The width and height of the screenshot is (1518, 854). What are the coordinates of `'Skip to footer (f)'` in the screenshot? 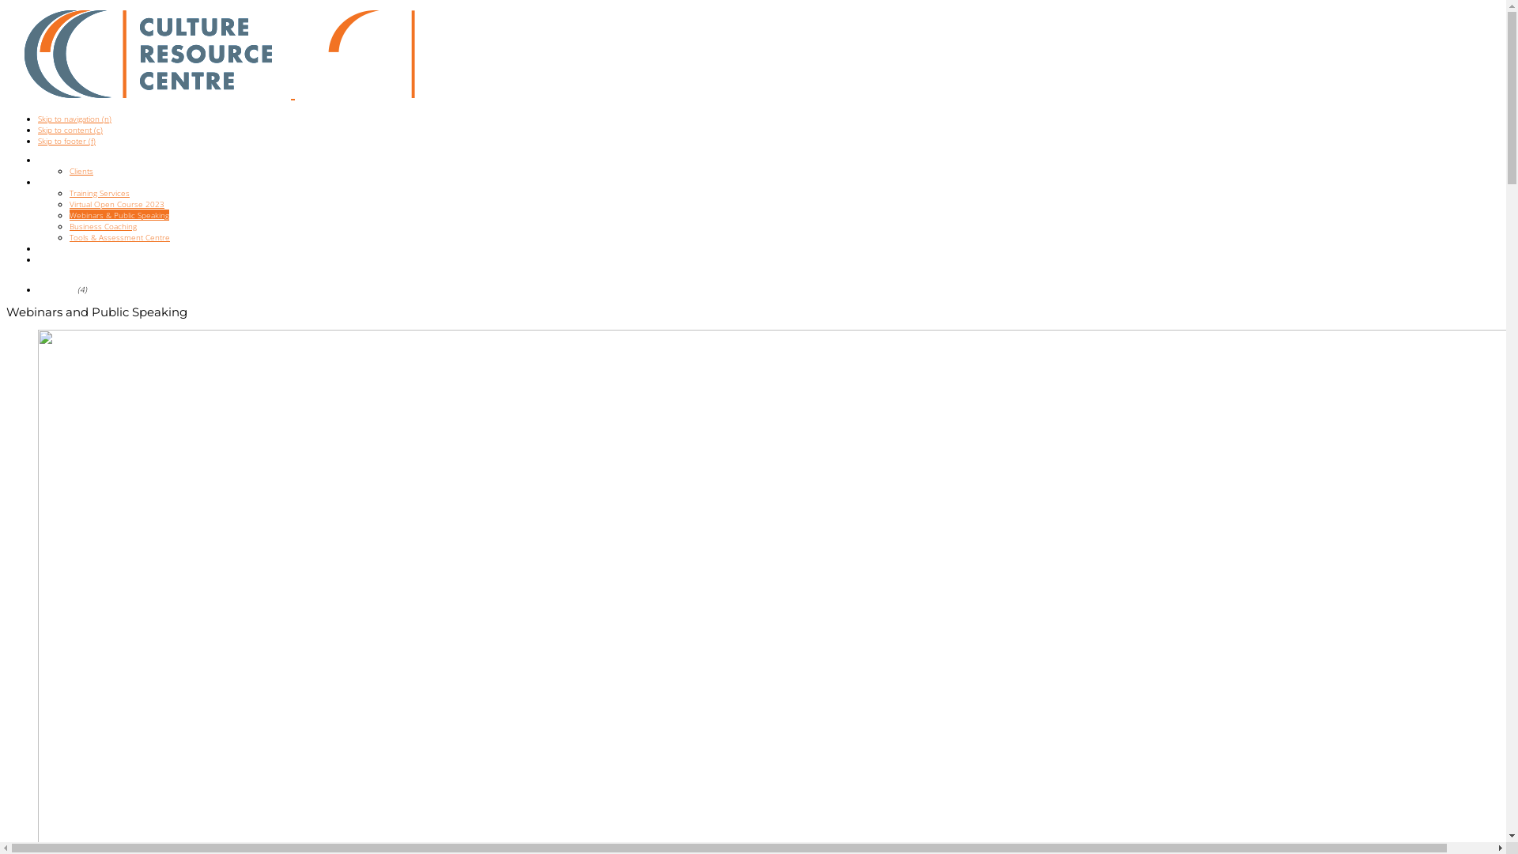 It's located at (66, 139).